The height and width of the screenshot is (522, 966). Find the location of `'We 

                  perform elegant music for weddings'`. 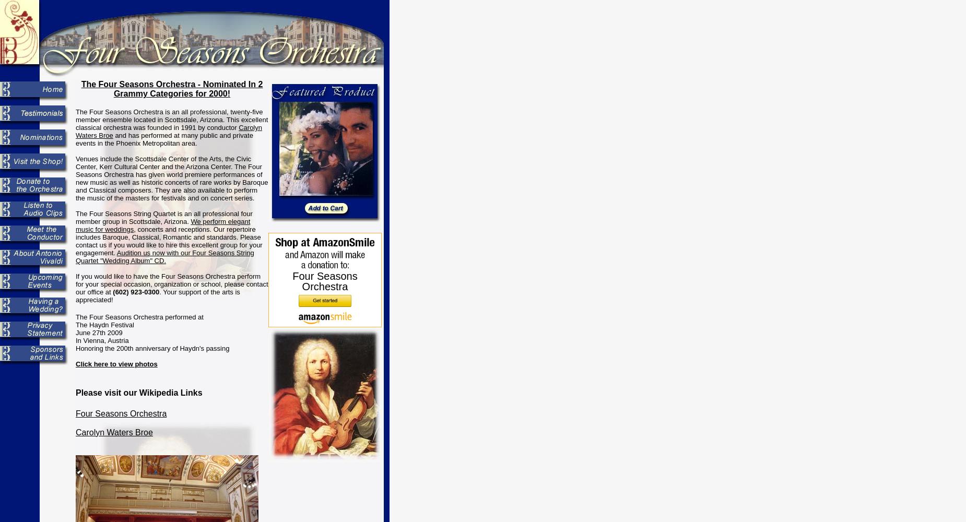

'We 

                  perform elegant music for weddings' is located at coordinates (162, 226).